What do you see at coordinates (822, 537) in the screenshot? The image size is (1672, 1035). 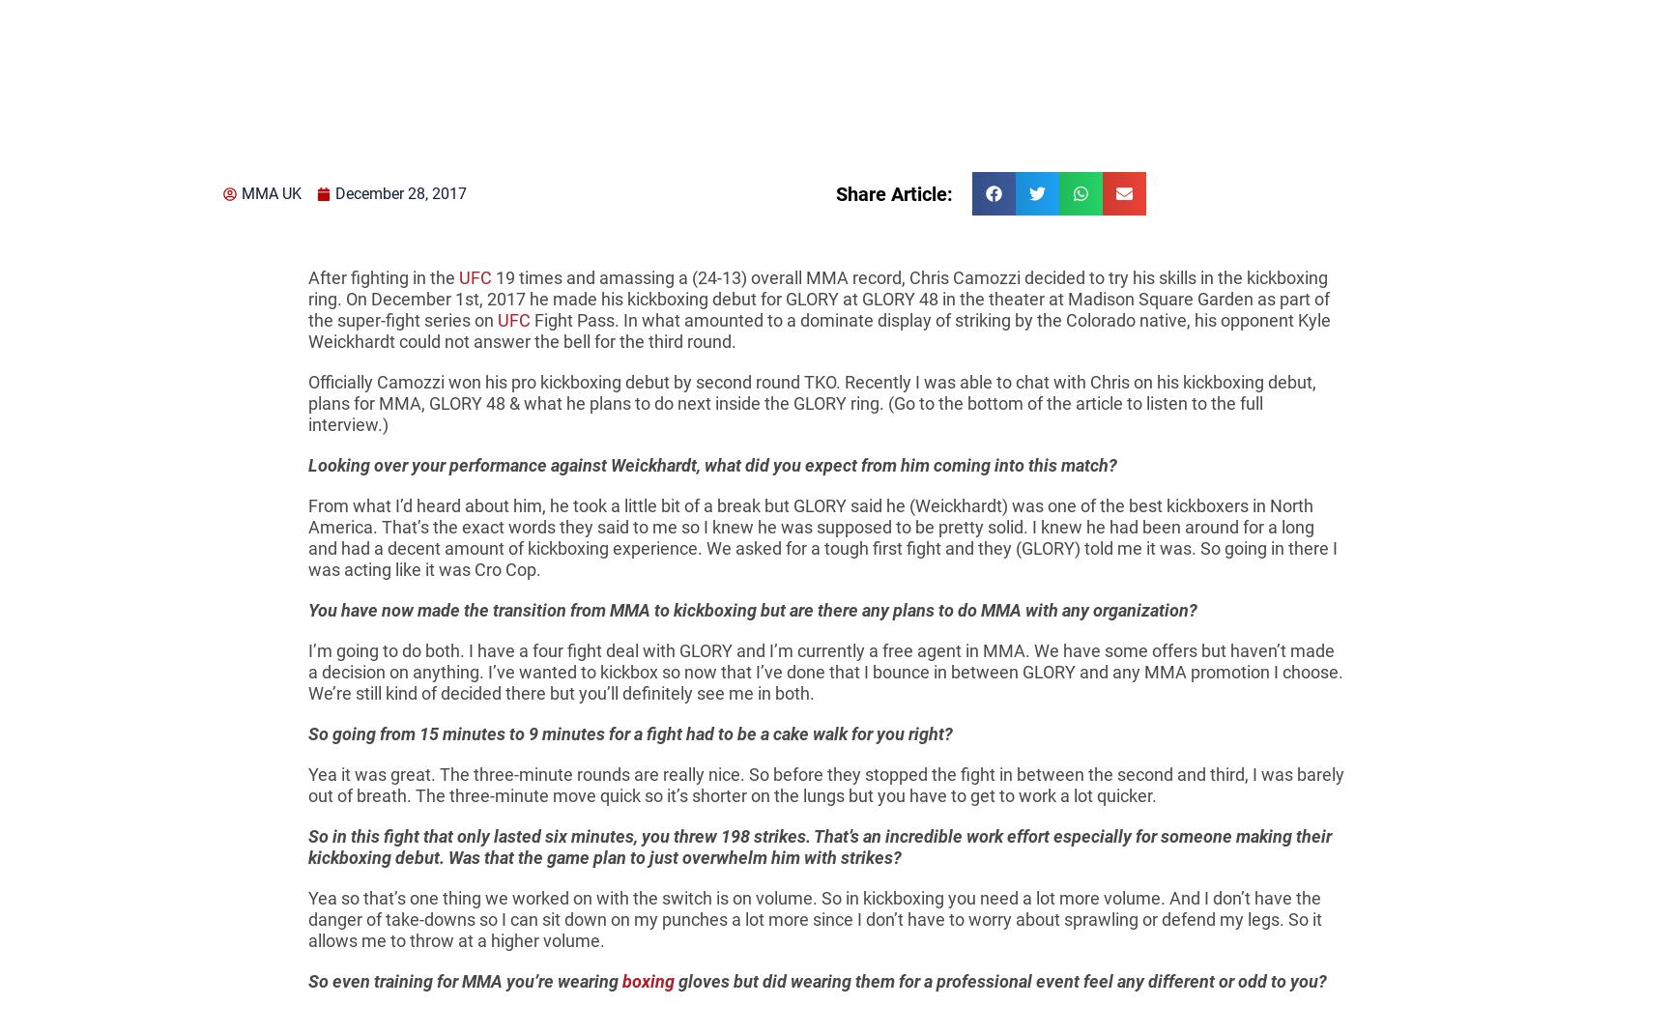 I see `'From what I’d heard about him, he took a little bit of a break but GLORY said he (Weickhardt) was one of the best kickboxers in North America. That’s the exact words they said to me so I knew he was supposed to be pretty solid. I knew he had been around for a long and had a decent amount of kickboxing experience. We asked for a tough first fight and they (GLORY) told me it was. So going in there I was acting like it was Cro Cop.'` at bounding box center [822, 537].